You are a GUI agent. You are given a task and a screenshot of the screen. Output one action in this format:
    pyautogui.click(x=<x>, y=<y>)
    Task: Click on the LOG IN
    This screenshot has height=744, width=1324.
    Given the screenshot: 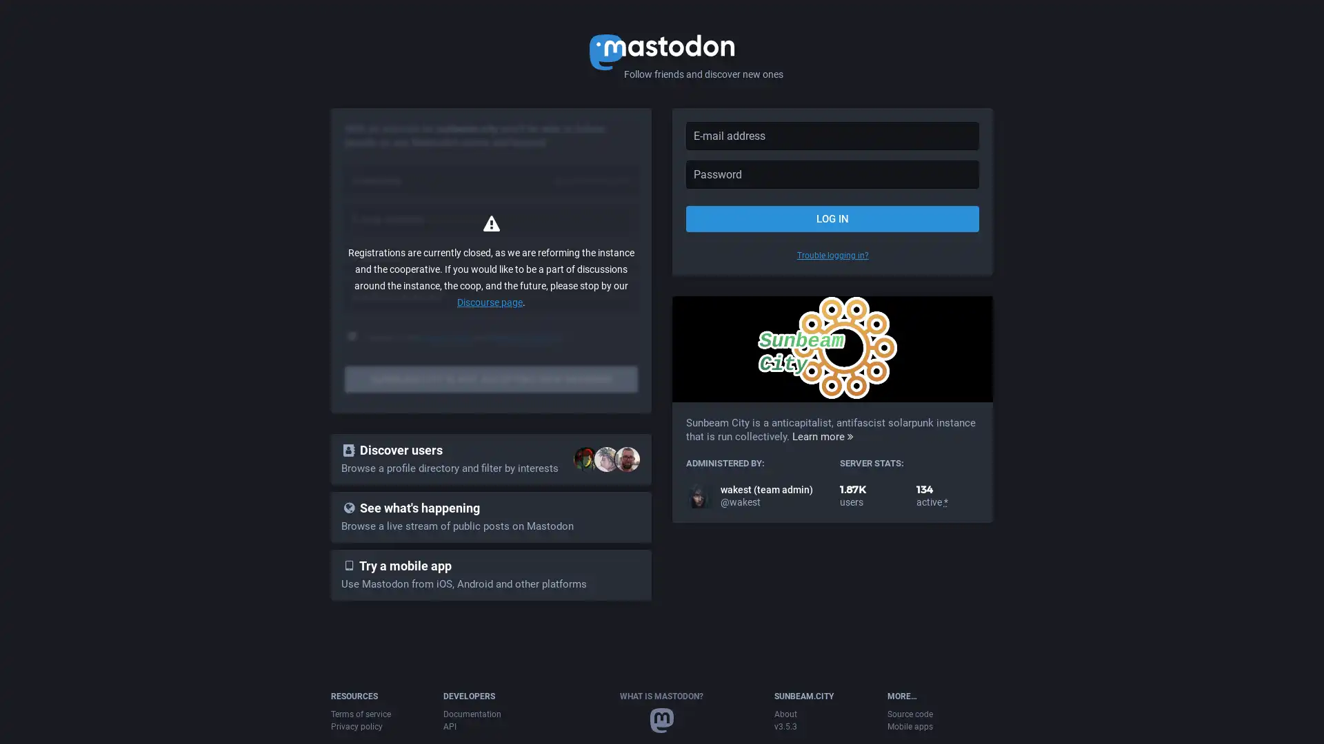 What is the action you would take?
    pyautogui.click(x=832, y=218)
    